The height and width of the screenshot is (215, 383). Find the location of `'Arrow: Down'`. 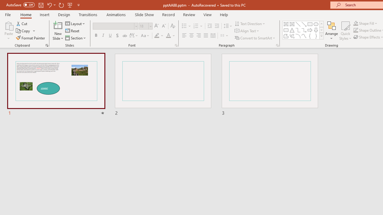

'Arrow: Down' is located at coordinates (316, 30).